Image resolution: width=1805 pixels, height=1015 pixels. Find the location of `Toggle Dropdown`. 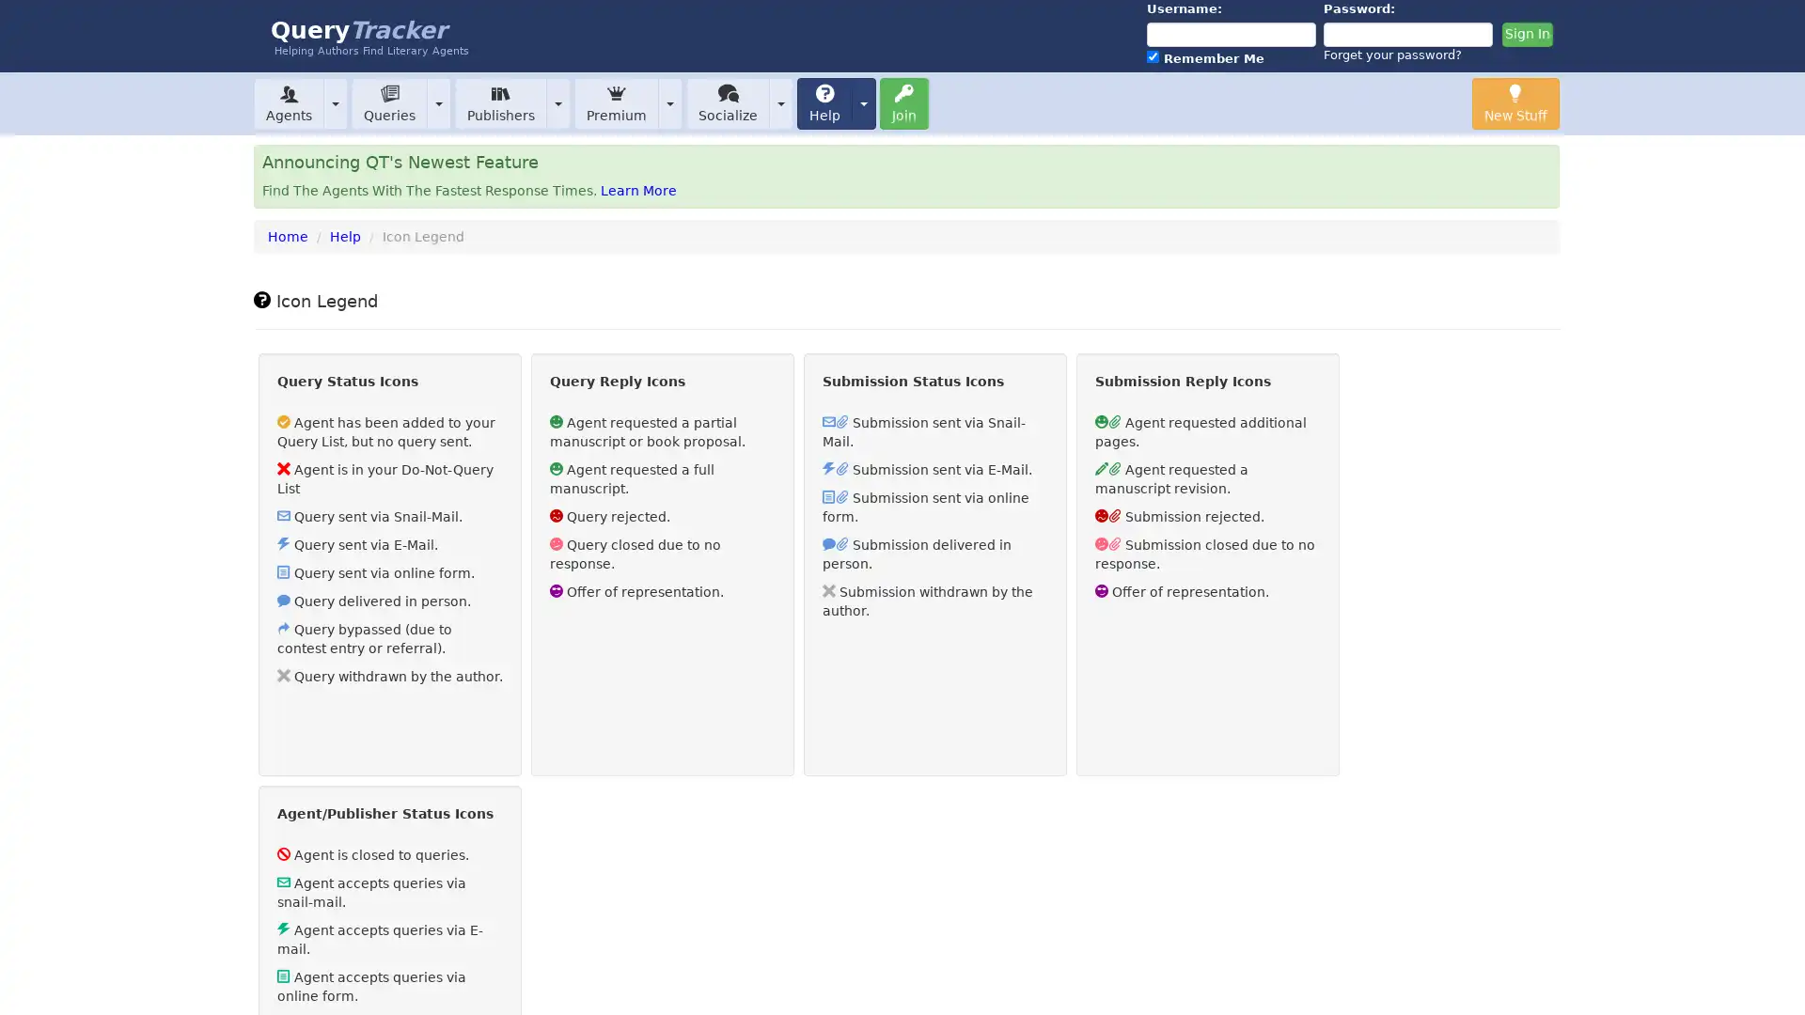

Toggle Dropdown is located at coordinates (437, 102).